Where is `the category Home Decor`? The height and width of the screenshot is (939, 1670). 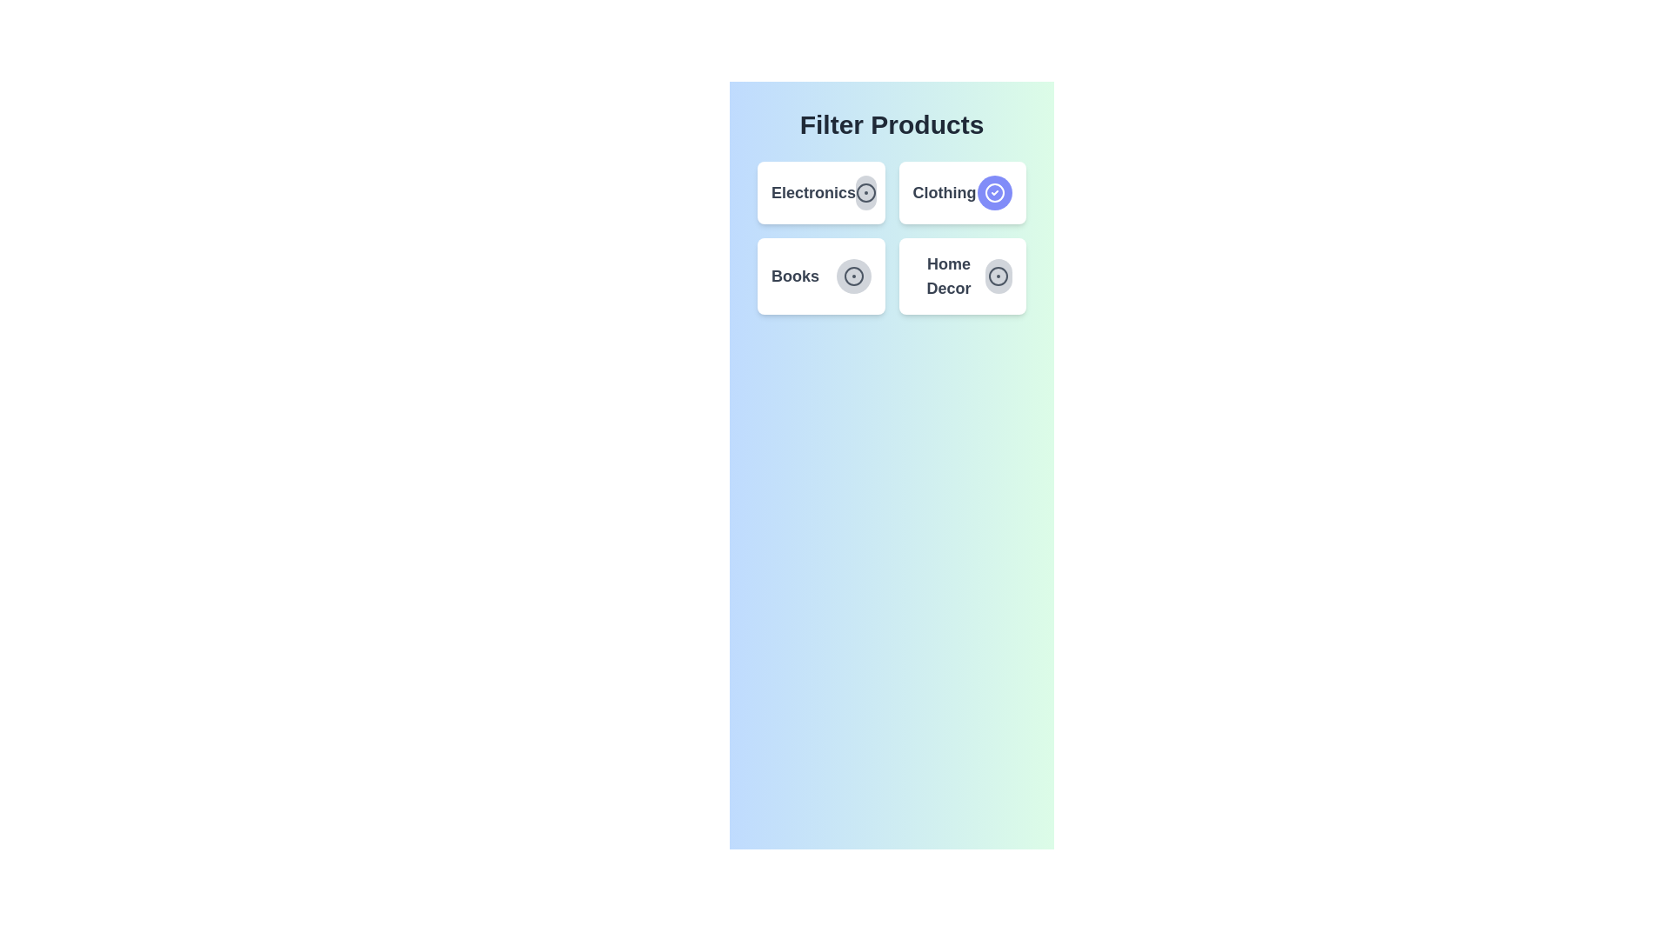
the category Home Decor is located at coordinates (998, 275).